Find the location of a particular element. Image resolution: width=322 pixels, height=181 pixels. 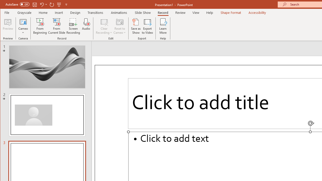

'Export to Video' is located at coordinates (147, 26).